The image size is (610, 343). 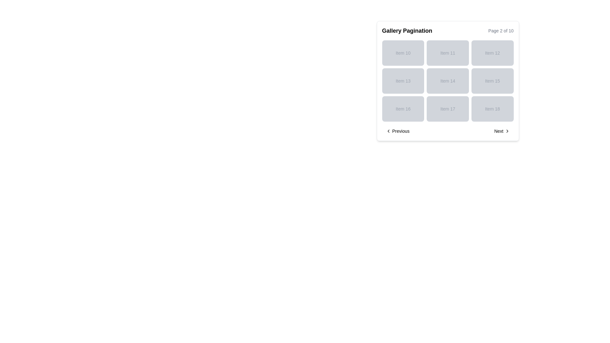 I want to click on the text label reading 'Gallery Pagination', which is styled in bold and positioned at the top-left of the section containing a grid layout, so click(x=407, y=30).